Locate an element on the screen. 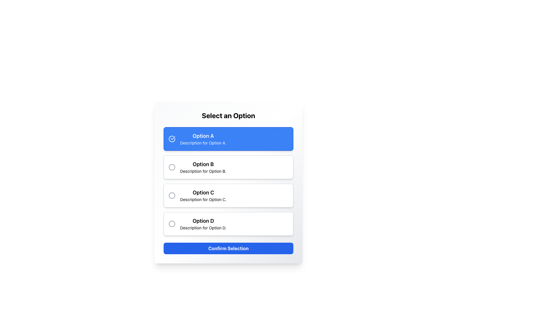  the fourth selectable option, which is a radio button labeled 'Option D' with a description below it, to observe any highlighting or hover effect is located at coordinates (228, 224).